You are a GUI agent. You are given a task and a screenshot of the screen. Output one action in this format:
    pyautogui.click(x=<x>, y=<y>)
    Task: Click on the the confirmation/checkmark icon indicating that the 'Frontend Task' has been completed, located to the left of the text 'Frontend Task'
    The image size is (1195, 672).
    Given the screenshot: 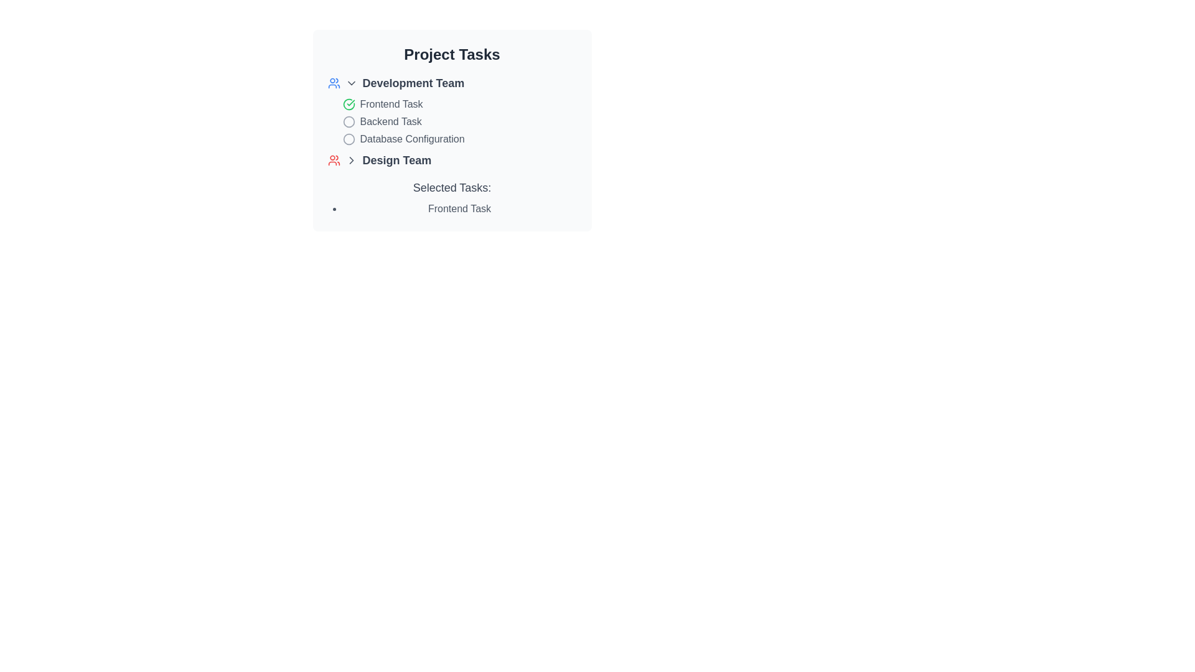 What is the action you would take?
    pyautogui.click(x=349, y=104)
    